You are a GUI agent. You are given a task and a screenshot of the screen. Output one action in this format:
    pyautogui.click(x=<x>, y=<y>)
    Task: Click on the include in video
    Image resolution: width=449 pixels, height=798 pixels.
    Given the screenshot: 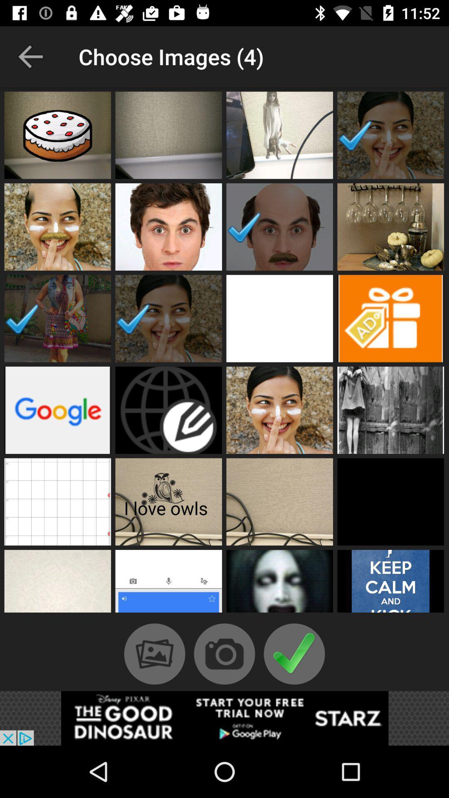 What is the action you would take?
    pyautogui.click(x=390, y=501)
    